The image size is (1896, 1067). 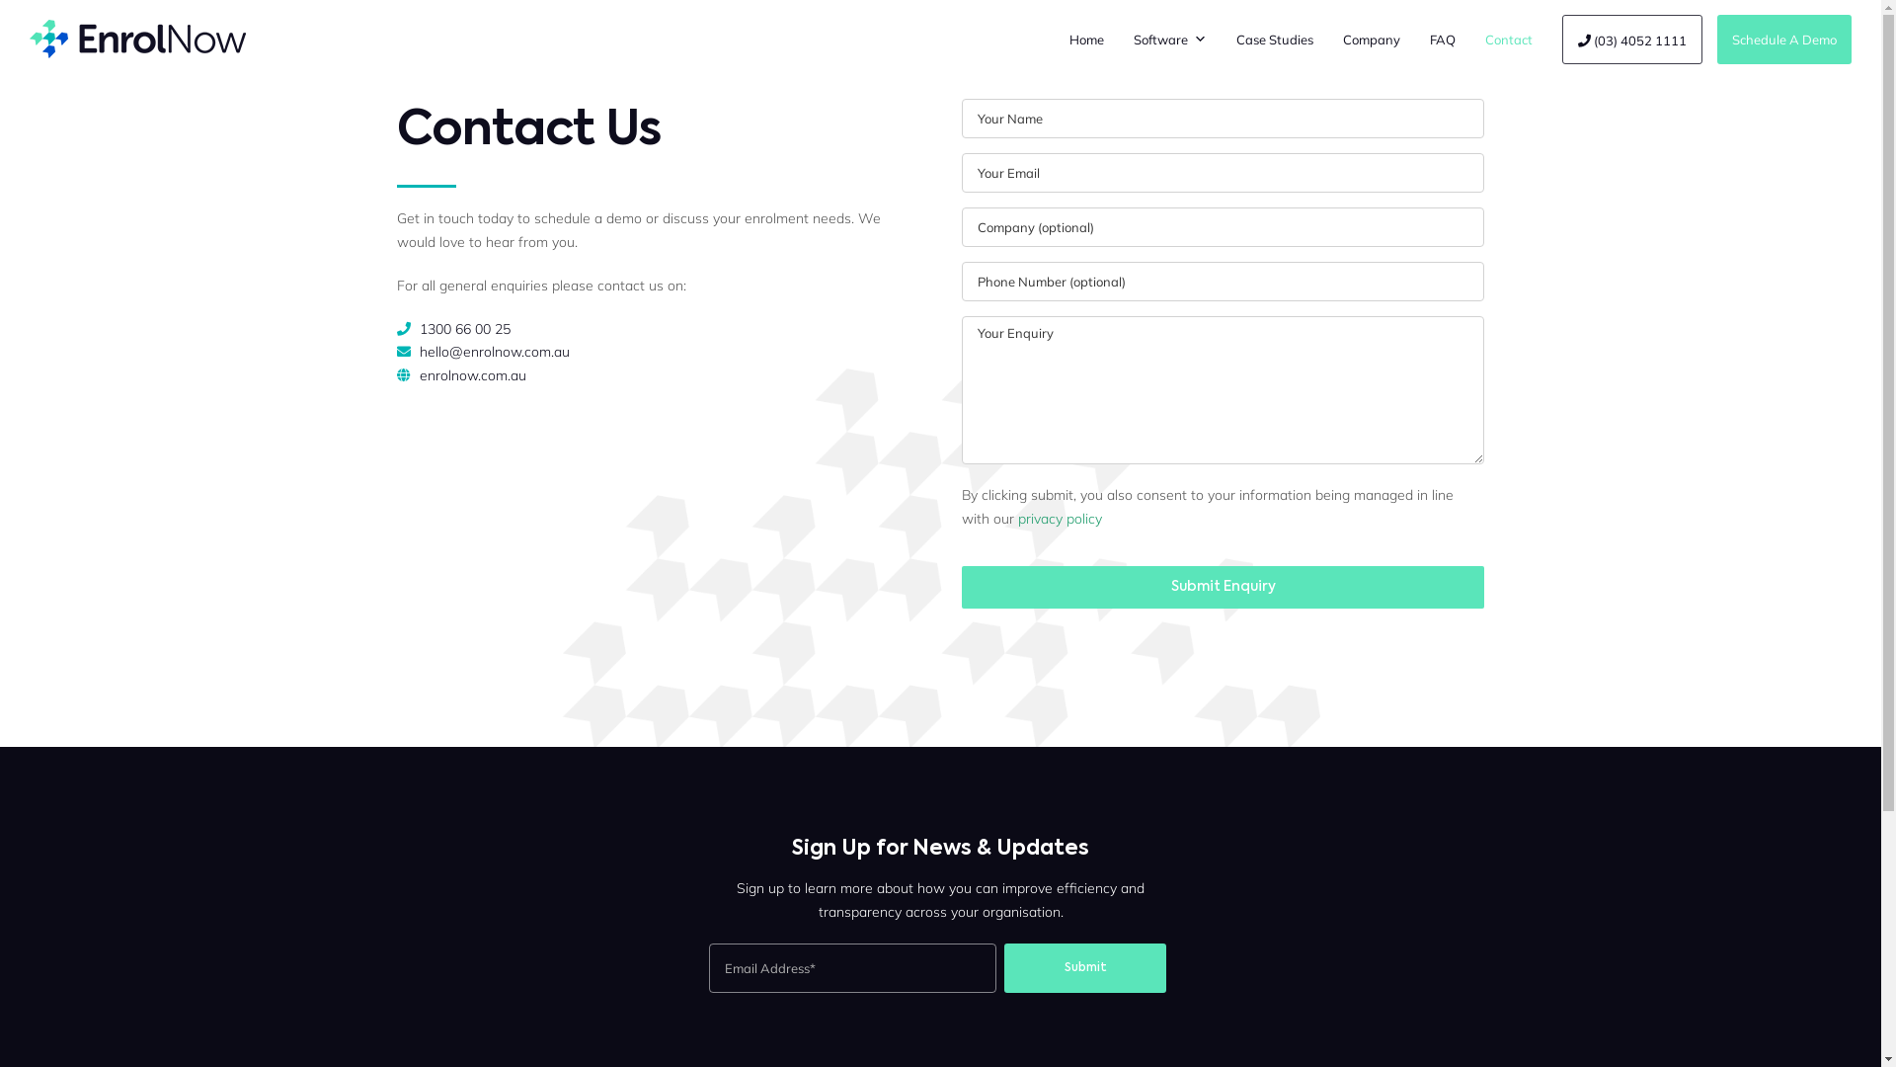 What do you see at coordinates (1059, 517) in the screenshot?
I see `'privacy policy'` at bounding box center [1059, 517].